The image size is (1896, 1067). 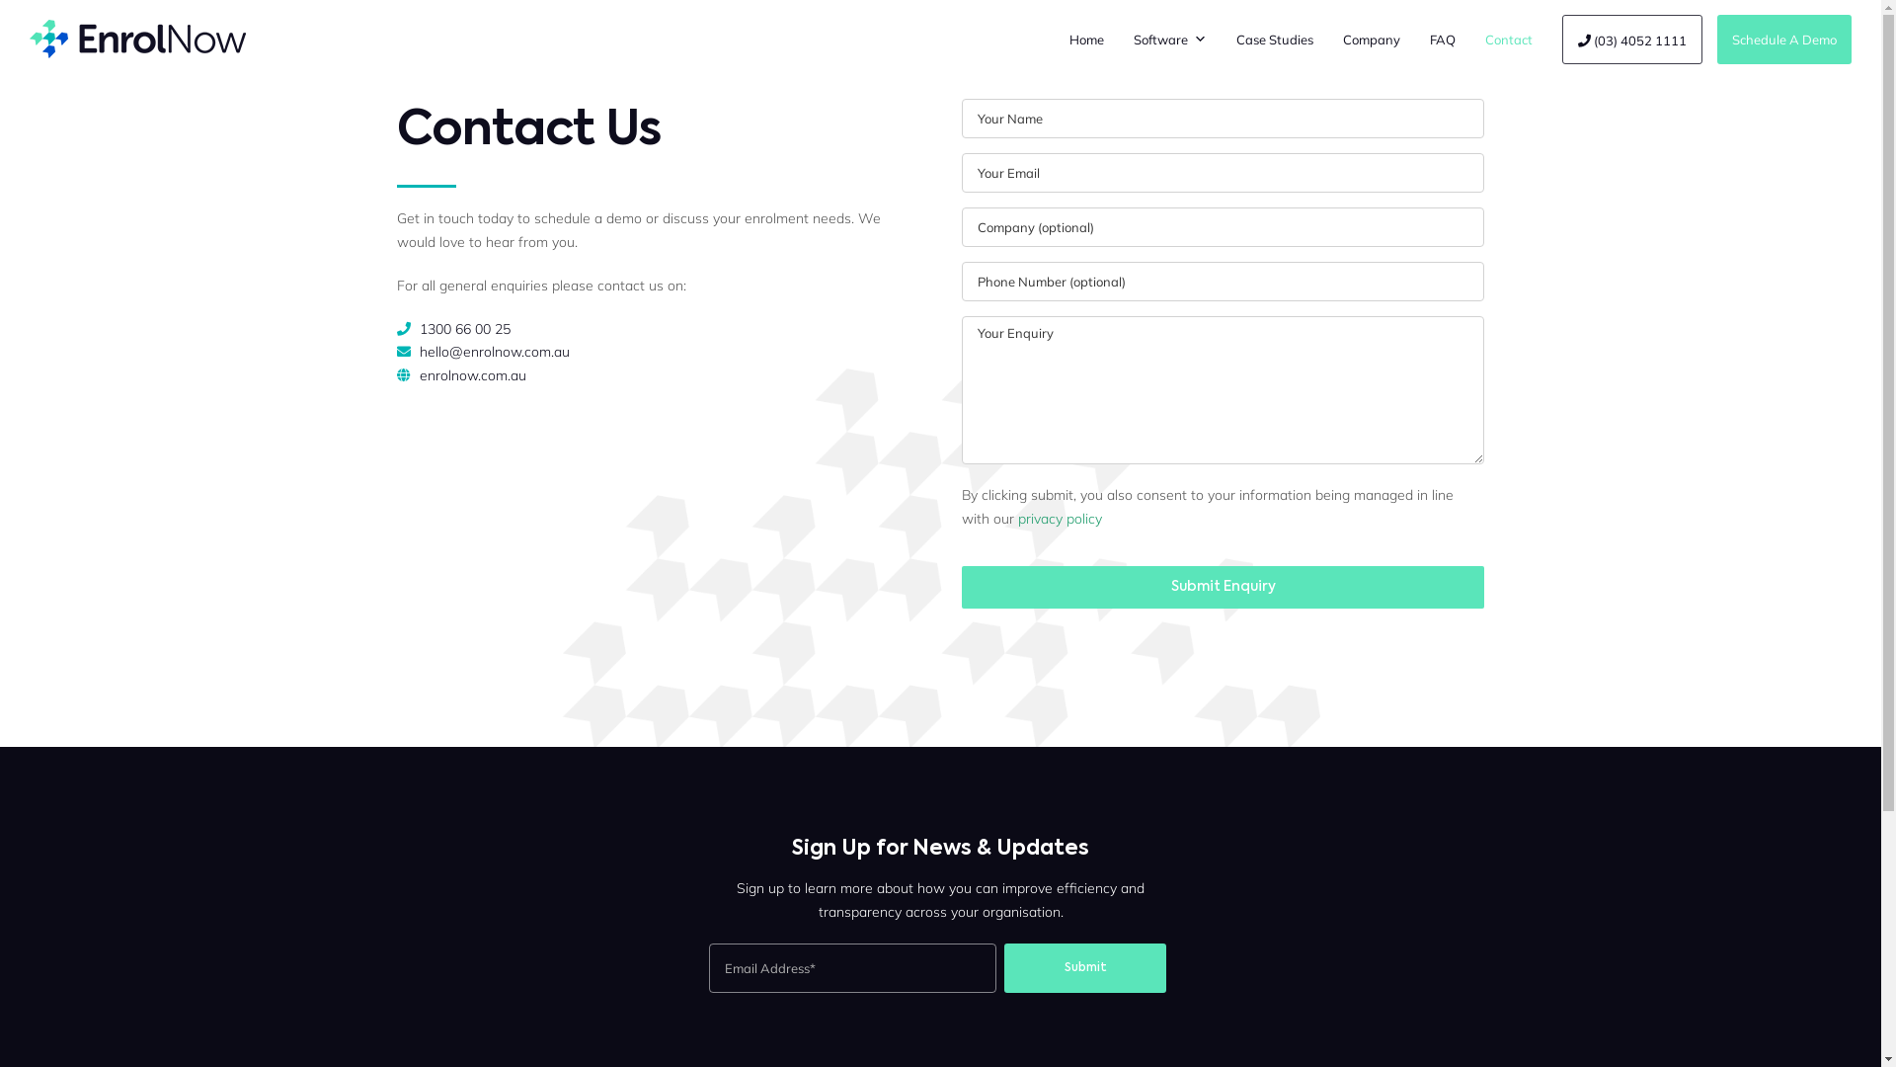 What do you see at coordinates (1059, 517) in the screenshot?
I see `'privacy policy'` at bounding box center [1059, 517].